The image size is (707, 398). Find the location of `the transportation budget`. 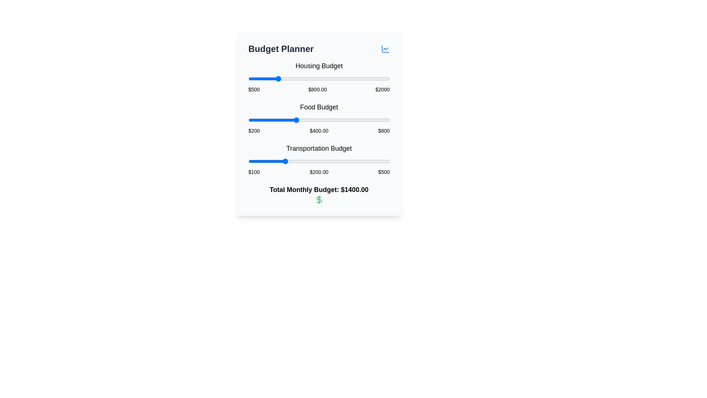

the transportation budget is located at coordinates (312, 161).